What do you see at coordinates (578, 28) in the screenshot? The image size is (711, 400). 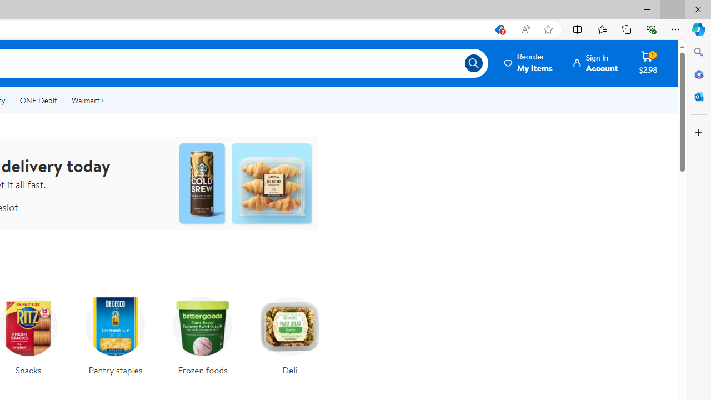 I see `'Split screen'` at bounding box center [578, 28].